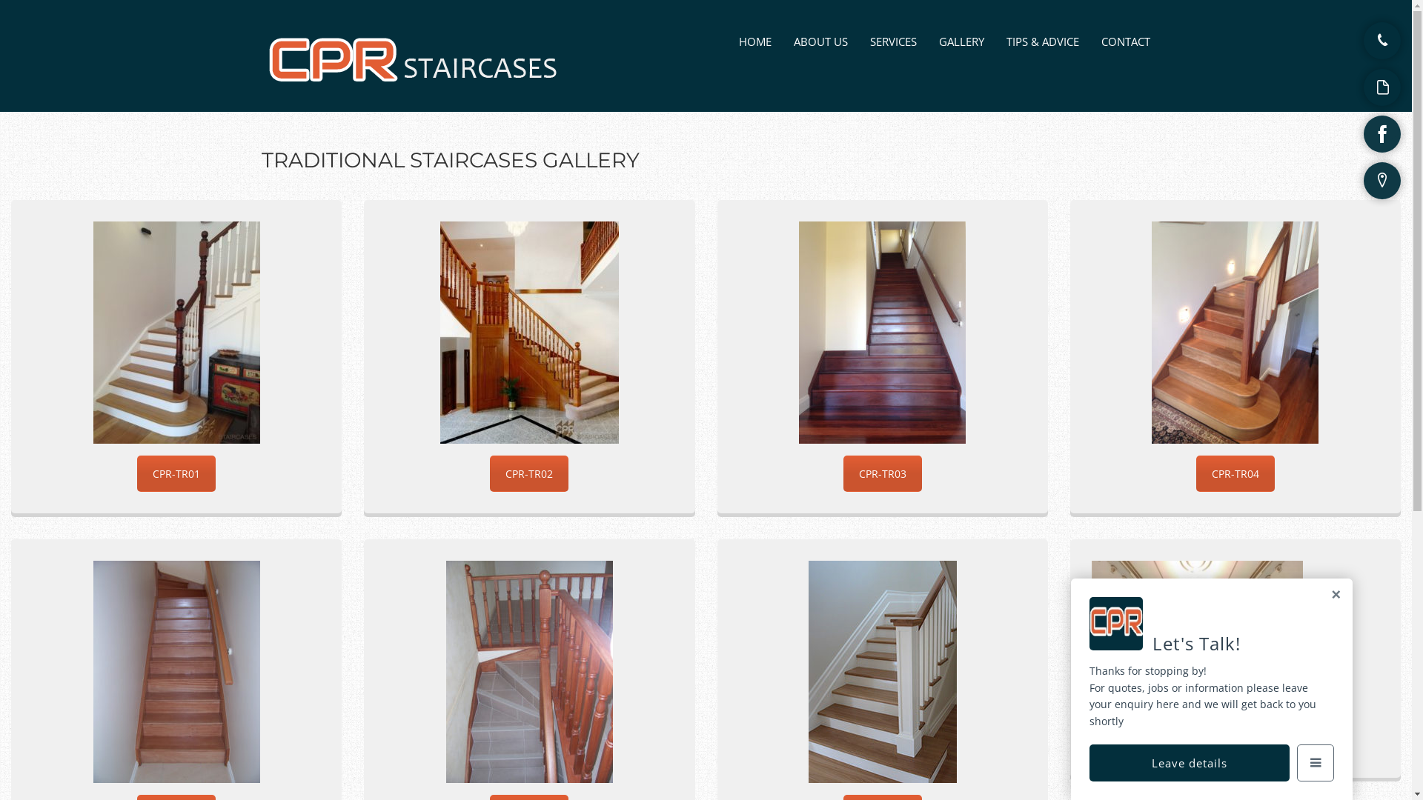 Image resolution: width=1423 pixels, height=800 pixels. What do you see at coordinates (892, 41) in the screenshot?
I see `'SERVICES'` at bounding box center [892, 41].